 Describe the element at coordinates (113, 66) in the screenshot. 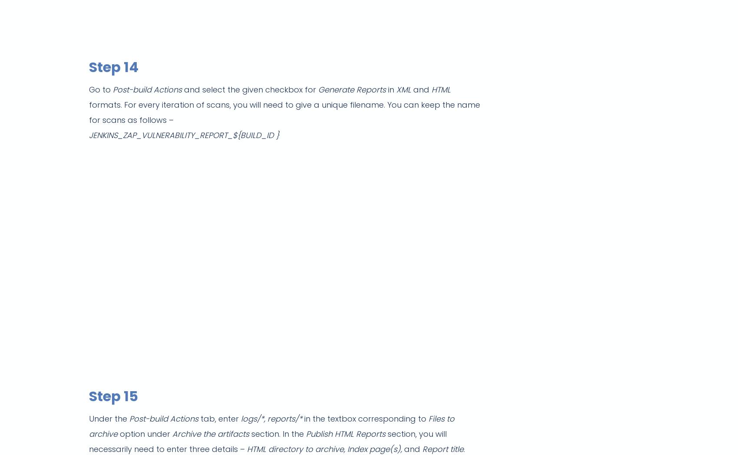

I see `'Step 14'` at that location.